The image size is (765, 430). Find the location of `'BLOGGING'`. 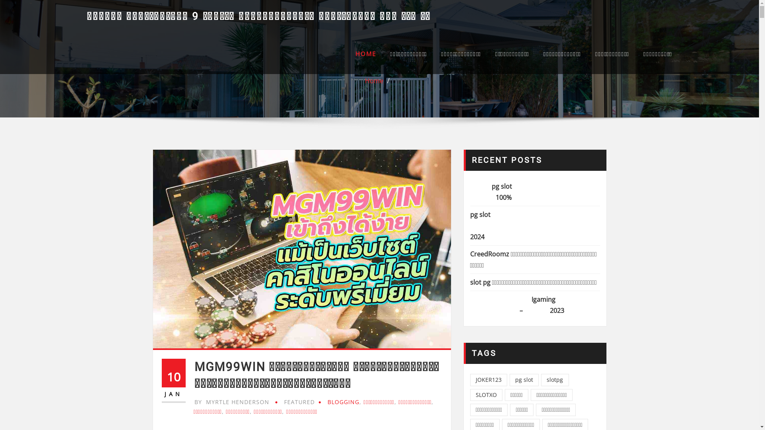

'BLOGGING' is located at coordinates (343, 402).